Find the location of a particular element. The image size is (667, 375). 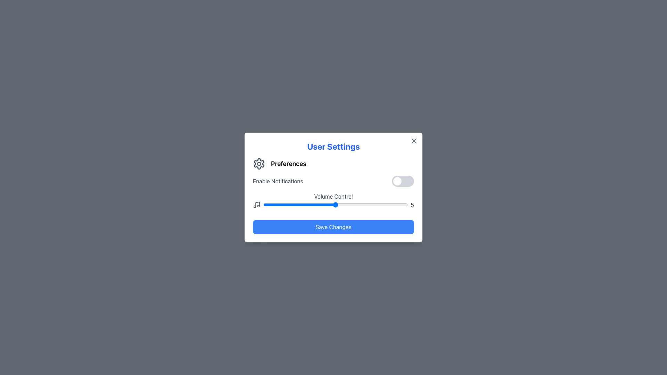

the volume is located at coordinates (393, 205).